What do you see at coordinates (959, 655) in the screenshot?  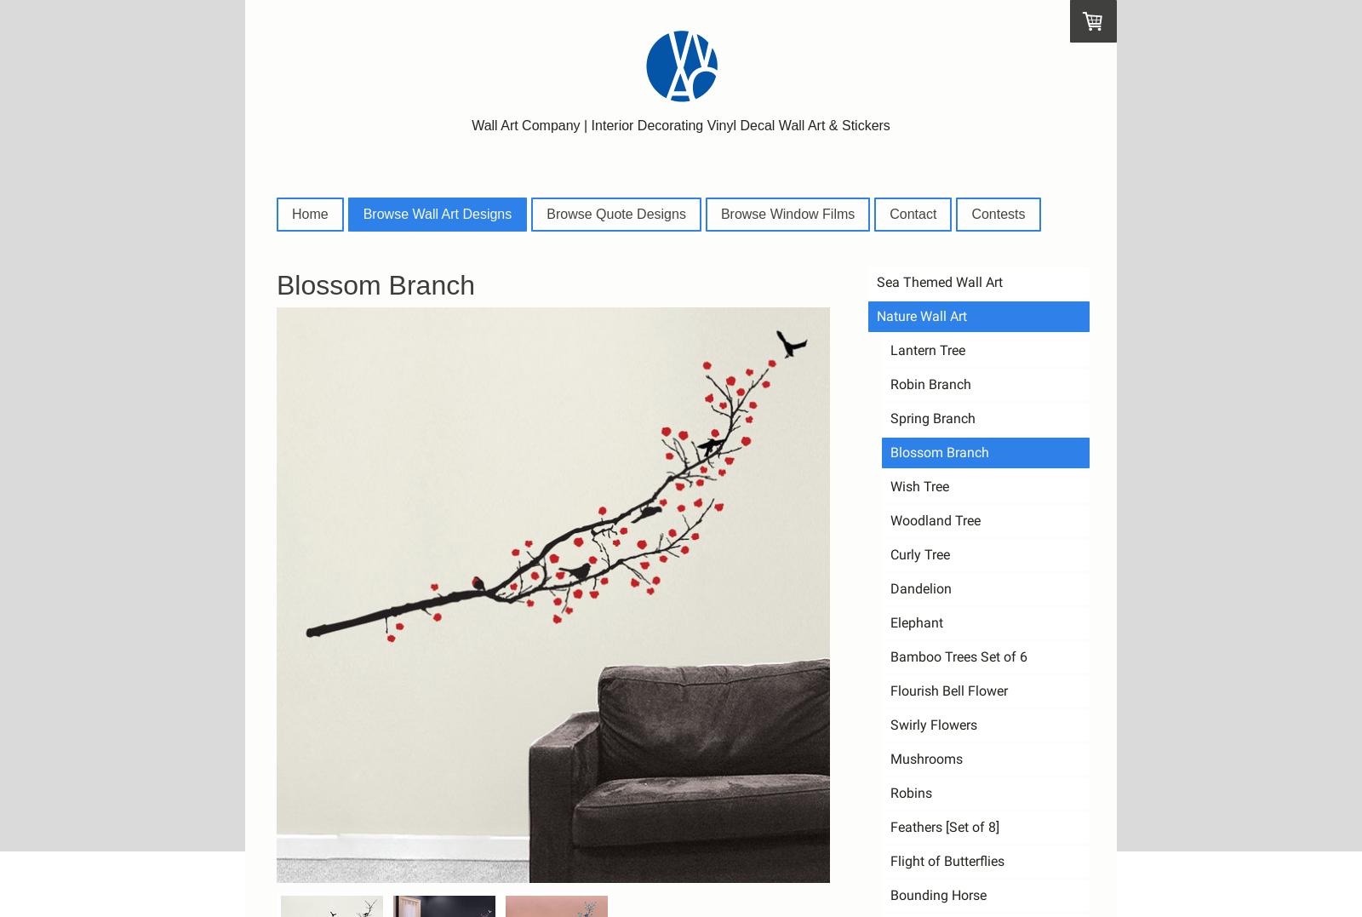 I see `'Bamboo Trees Set of 6'` at bounding box center [959, 655].